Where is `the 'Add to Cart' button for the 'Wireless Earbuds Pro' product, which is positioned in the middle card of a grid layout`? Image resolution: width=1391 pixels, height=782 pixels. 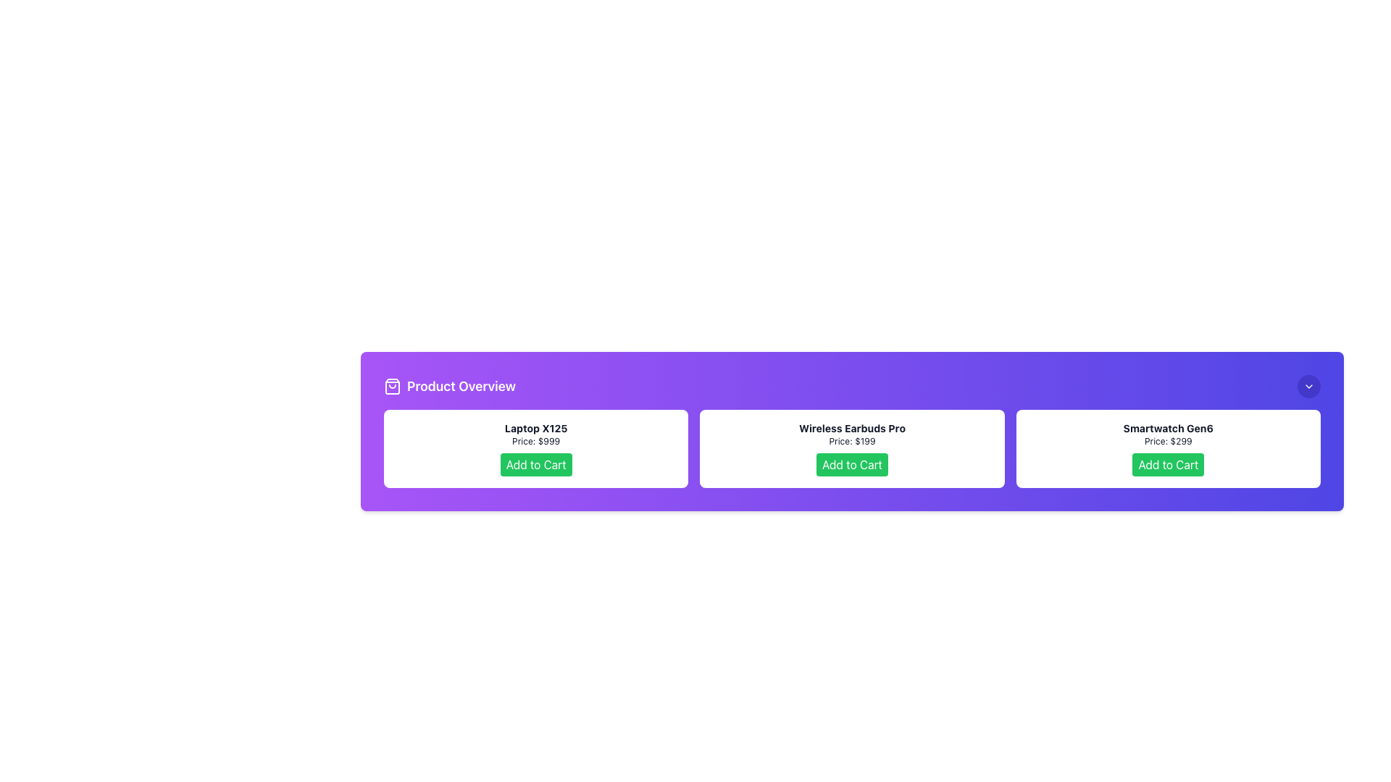 the 'Add to Cart' button for the 'Wireless Earbuds Pro' product, which is positioned in the middle card of a grid layout is located at coordinates (852, 448).